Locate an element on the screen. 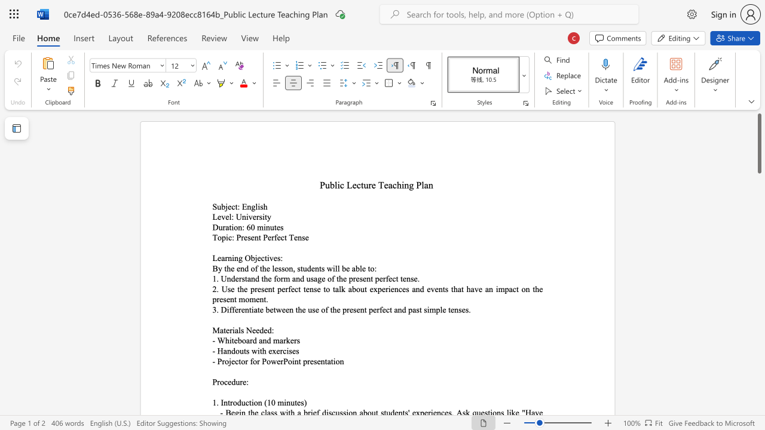 Image resolution: width=765 pixels, height=430 pixels. the 2th character "l" in the text is located at coordinates (423, 185).